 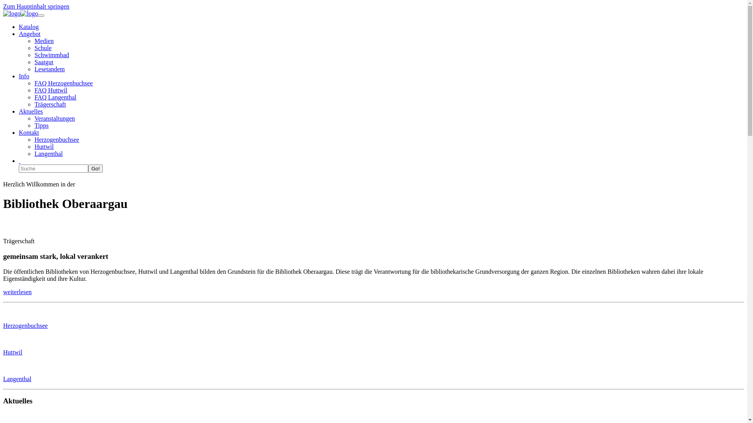 What do you see at coordinates (17, 292) in the screenshot?
I see `'weiterlesen'` at bounding box center [17, 292].